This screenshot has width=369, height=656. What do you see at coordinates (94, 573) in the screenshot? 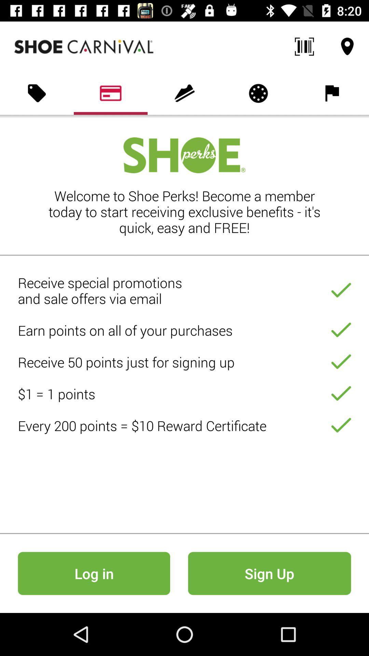
I see `log in icon` at bounding box center [94, 573].